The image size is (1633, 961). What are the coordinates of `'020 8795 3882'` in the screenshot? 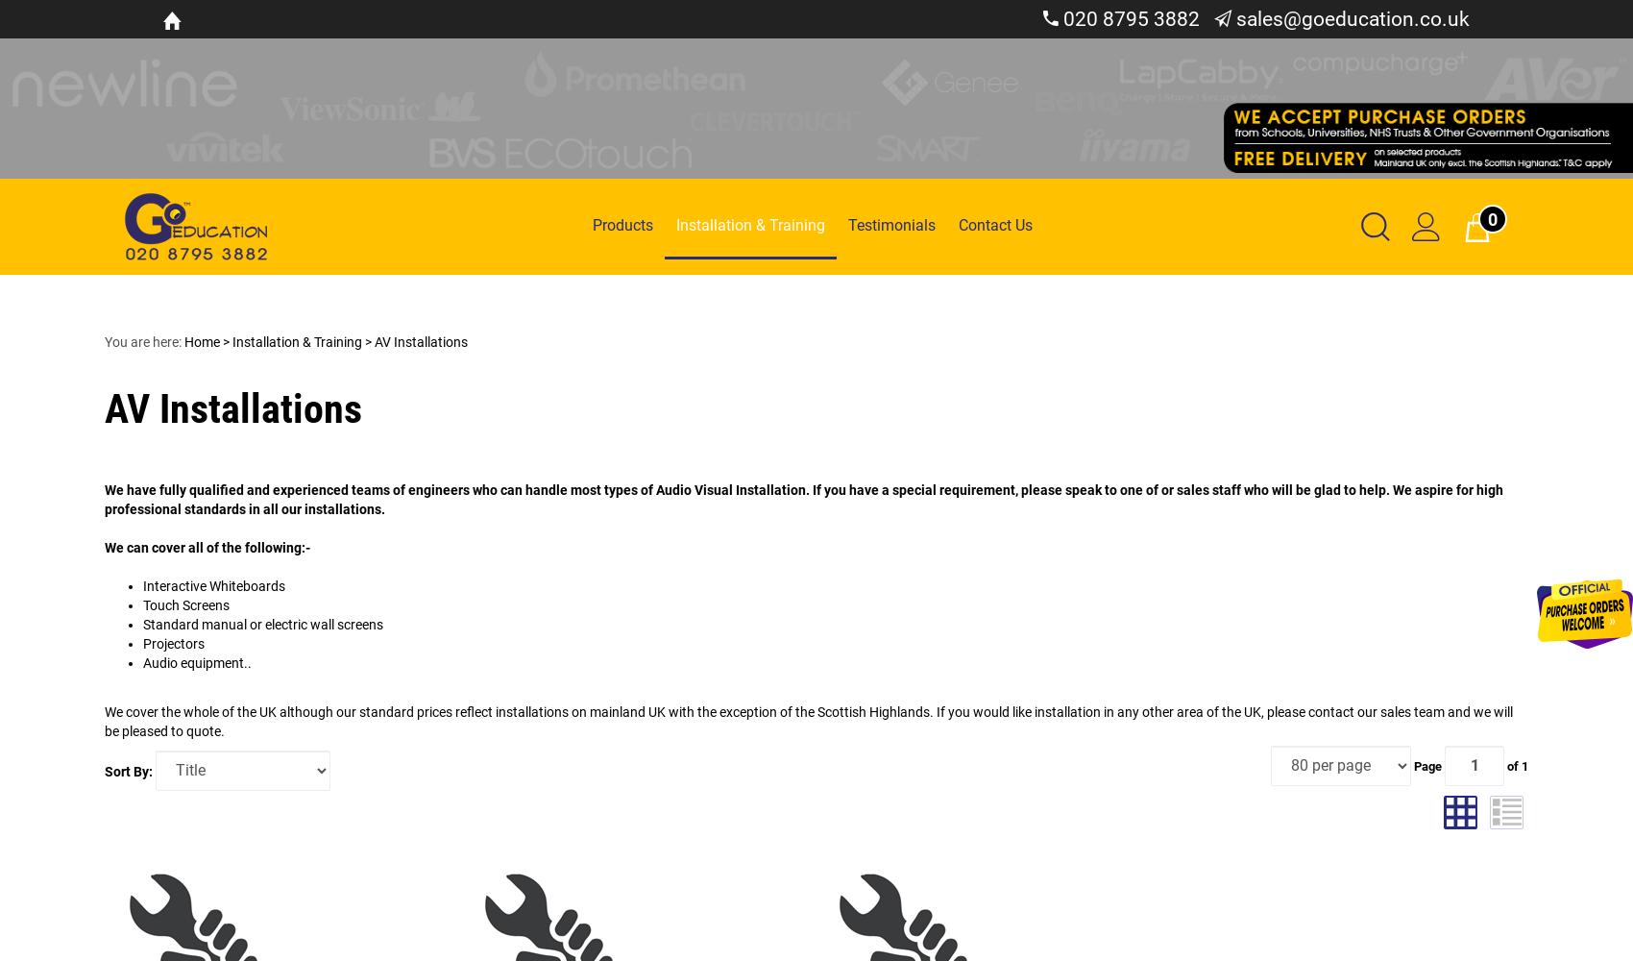 It's located at (1128, 19).